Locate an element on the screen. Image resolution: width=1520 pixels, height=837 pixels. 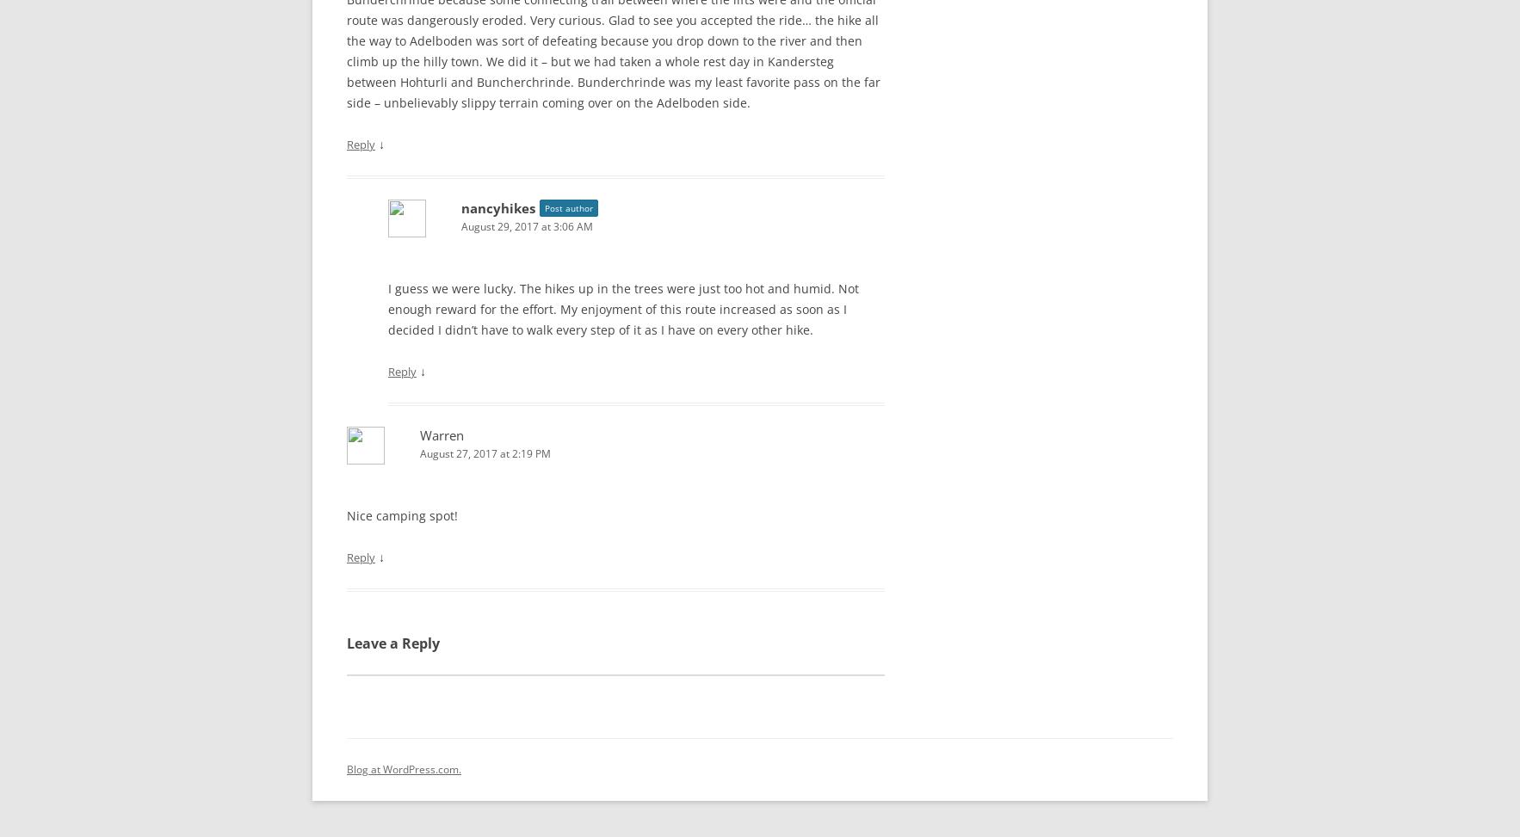
'Post author' is located at coordinates (569, 203).